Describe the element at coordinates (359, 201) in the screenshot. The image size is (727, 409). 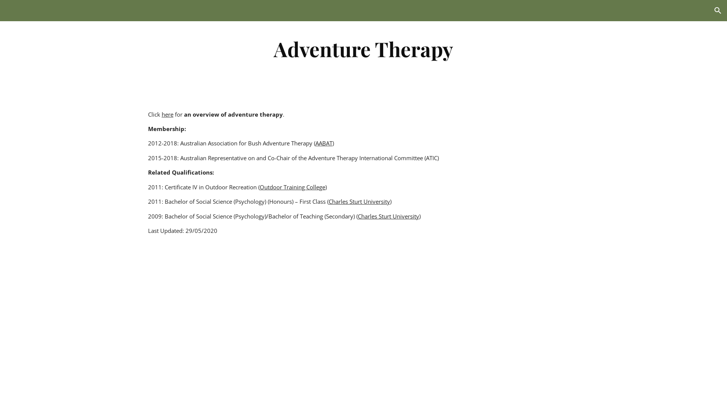
I see `'Charles Sturt University'` at that location.